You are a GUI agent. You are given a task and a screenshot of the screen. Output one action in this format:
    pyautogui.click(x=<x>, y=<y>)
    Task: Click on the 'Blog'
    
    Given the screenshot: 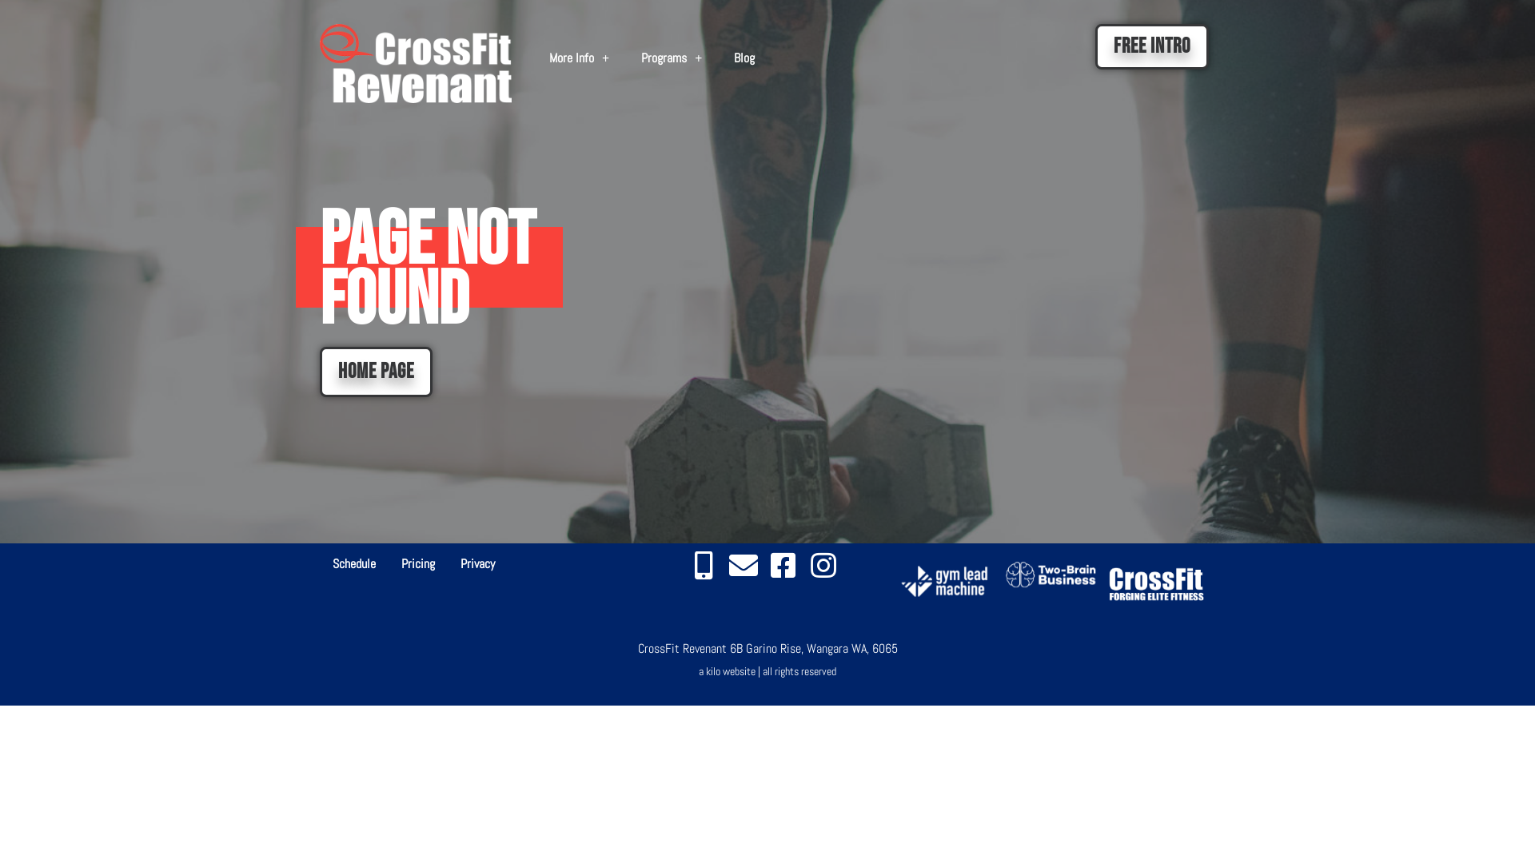 What is the action you would take?
    pyautogui.click(x=716, y=58)
    